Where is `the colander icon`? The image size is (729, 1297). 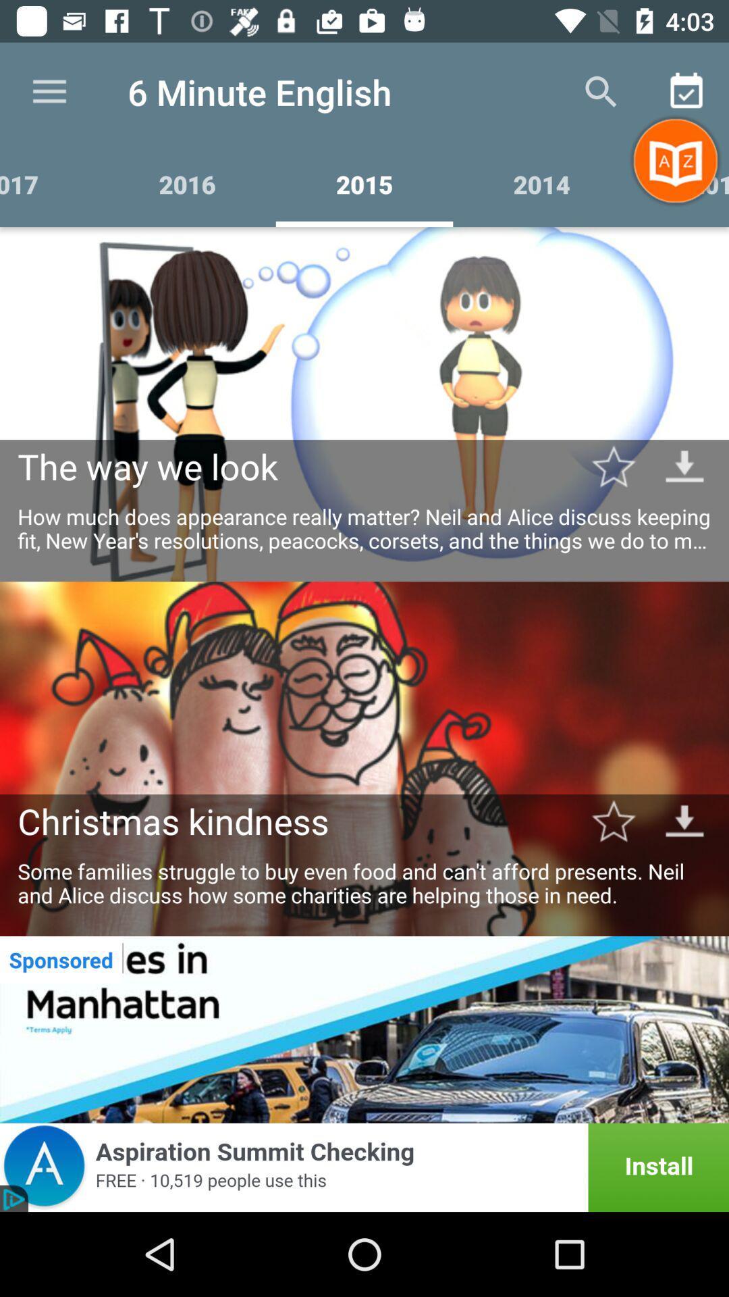
the colander icon is located at coordinates (686, 92).